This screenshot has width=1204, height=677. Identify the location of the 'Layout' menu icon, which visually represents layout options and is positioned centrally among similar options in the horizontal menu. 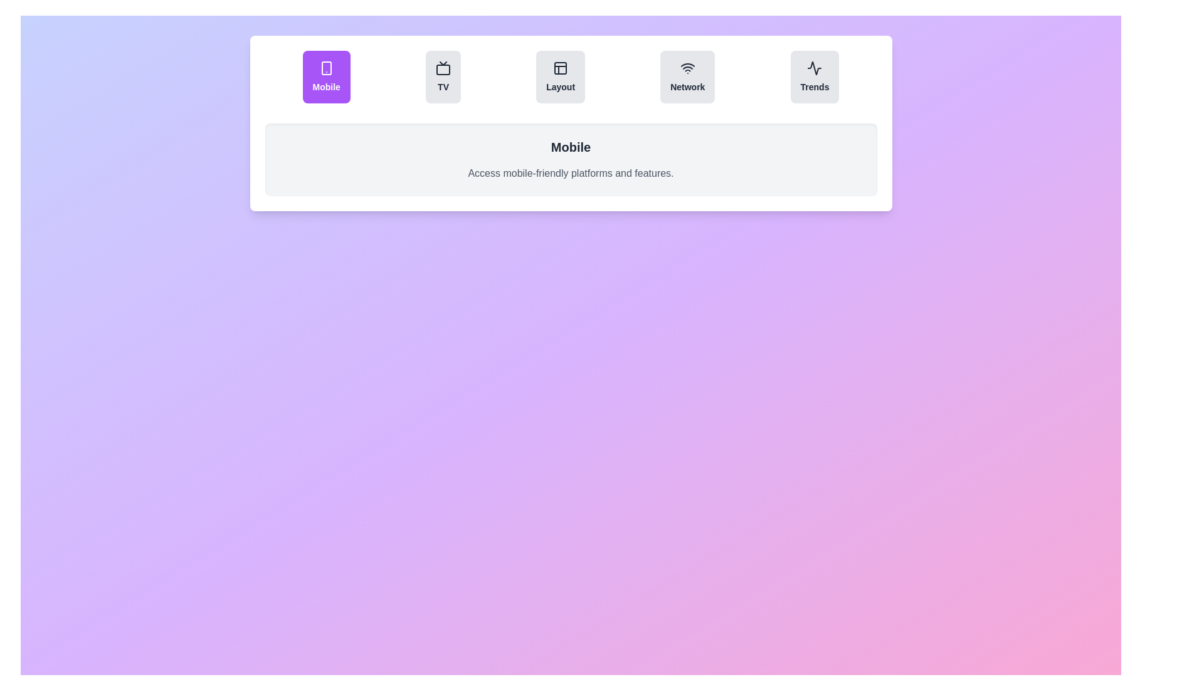
(560, 68).